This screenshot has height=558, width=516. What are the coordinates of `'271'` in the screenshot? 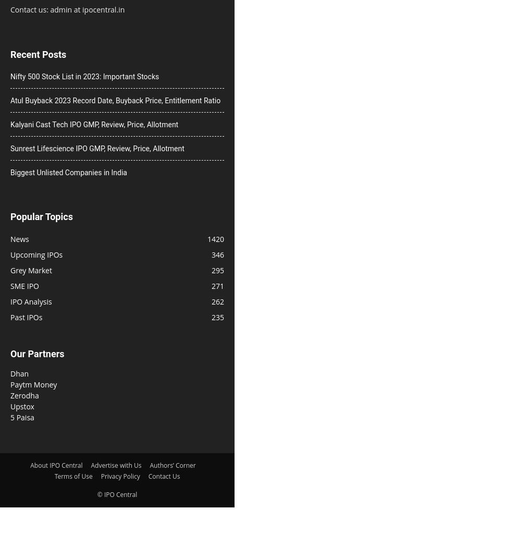 It's located at (211, 285).